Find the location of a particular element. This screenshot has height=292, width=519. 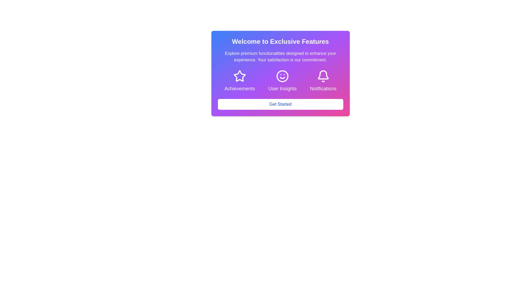

the star-shaped purple icon with a white outline located in the 'Achievements' section of the interface is located at coordinates (239, 76).